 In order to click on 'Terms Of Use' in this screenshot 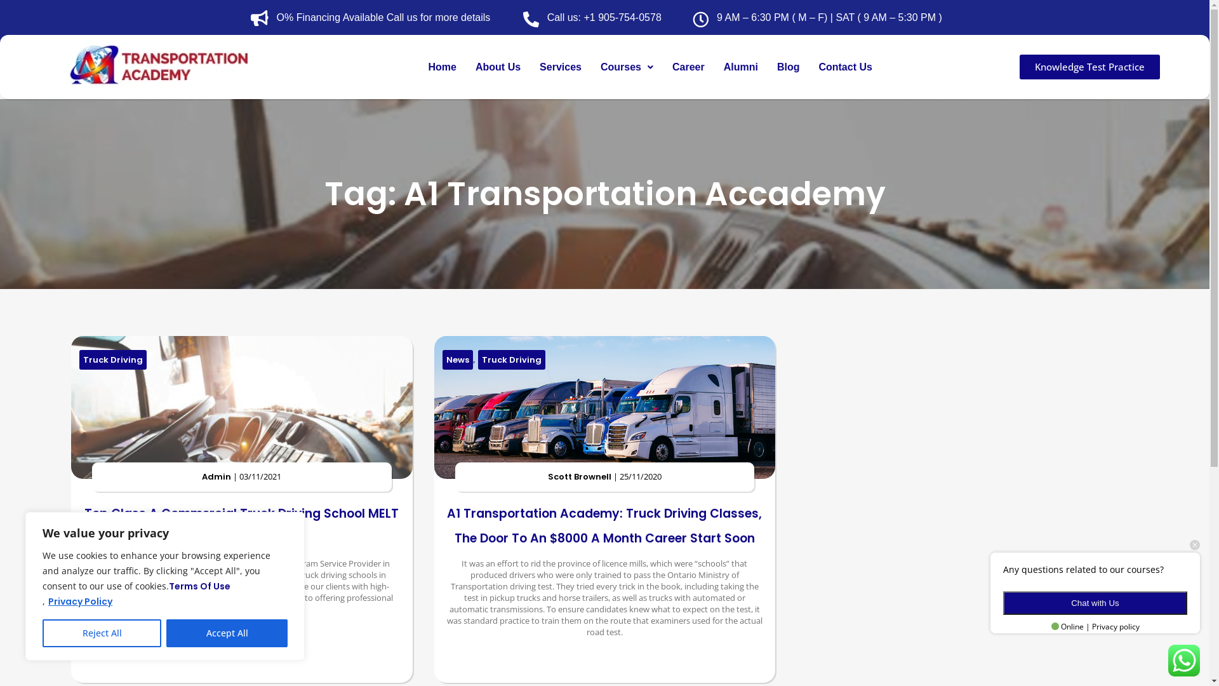, I will do `click(199, 586)`.